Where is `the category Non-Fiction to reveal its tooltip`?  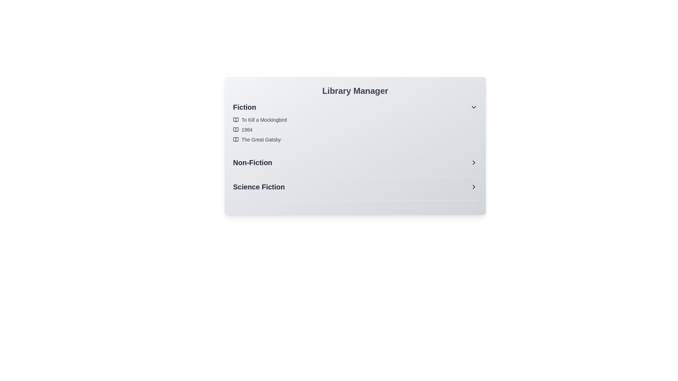
the category Non-Fiction to reveal its tooltip is located at coordinates (355, 163).